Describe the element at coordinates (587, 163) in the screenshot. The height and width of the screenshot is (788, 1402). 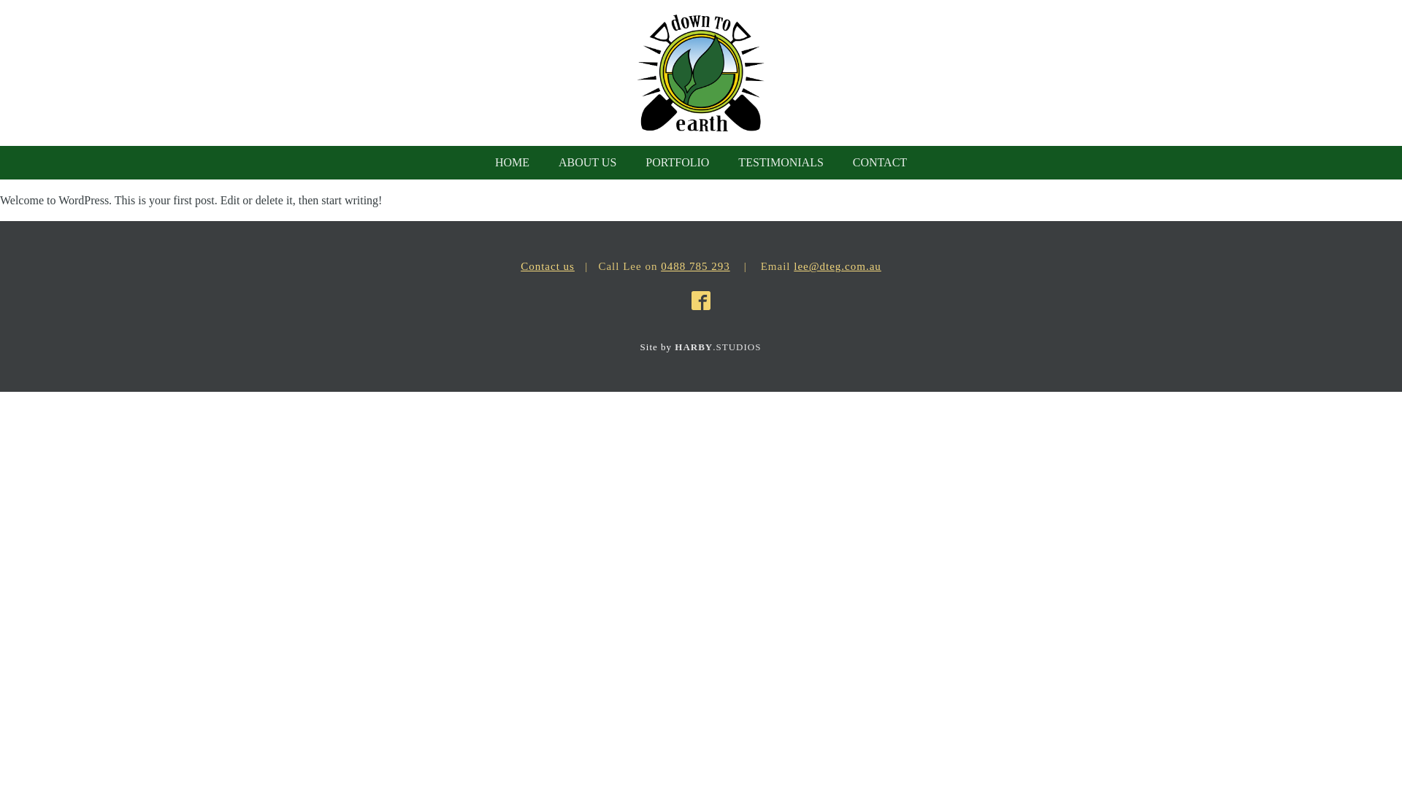
I see `'ABOUT US'` at that location.